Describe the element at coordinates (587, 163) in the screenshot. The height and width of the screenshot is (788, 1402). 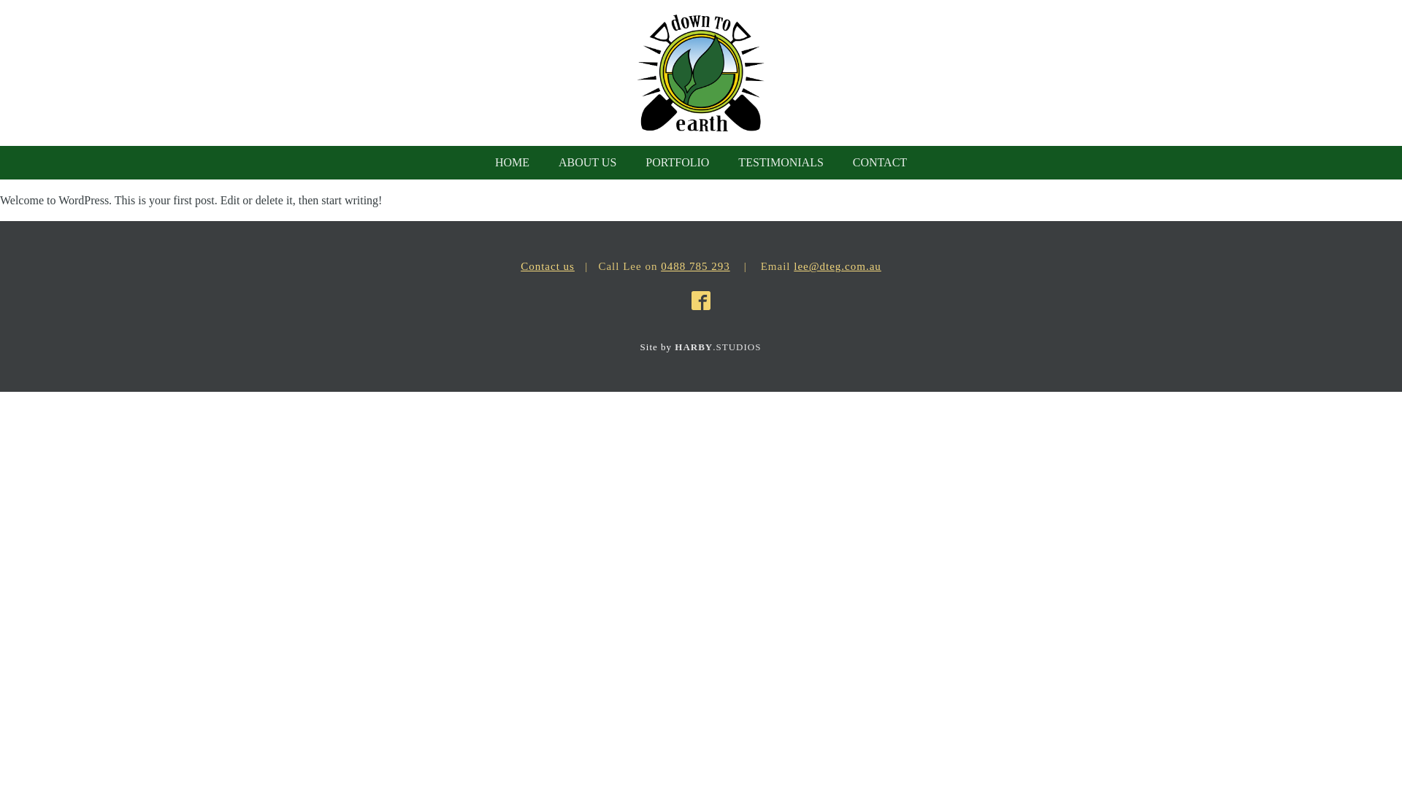
I see `'ABOUT US'` at that location.